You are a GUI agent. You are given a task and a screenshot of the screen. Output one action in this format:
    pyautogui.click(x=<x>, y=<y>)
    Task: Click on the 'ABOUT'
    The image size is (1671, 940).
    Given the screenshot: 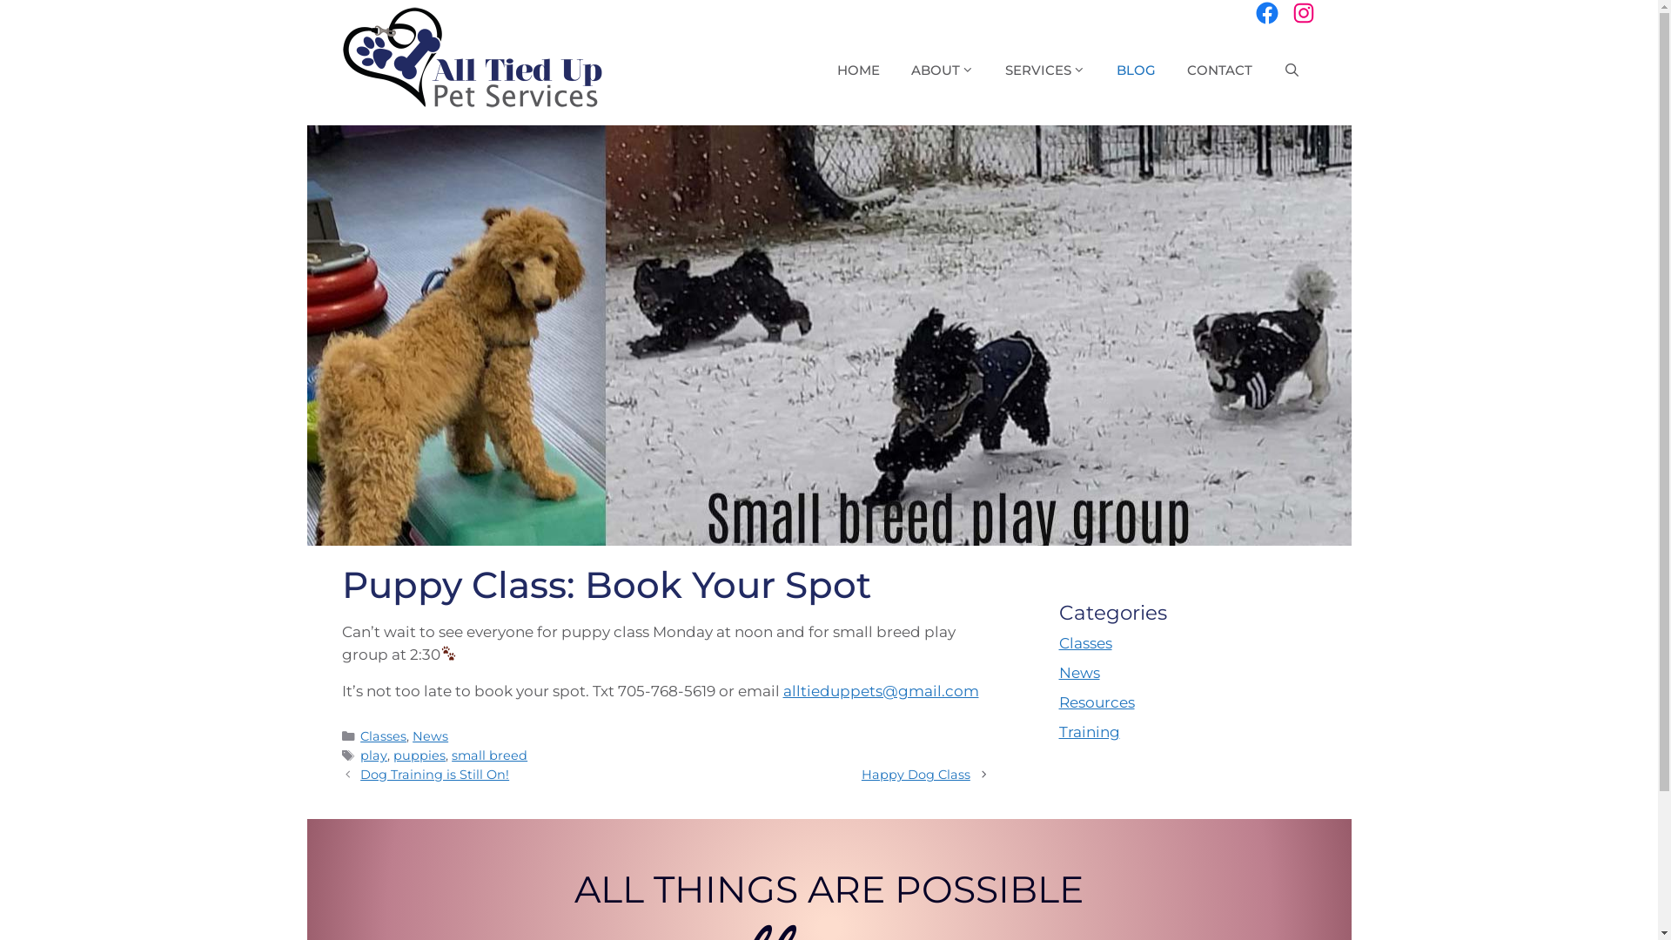 What is the action you would take?
    pyautogui.click(x=942, y=70)
    